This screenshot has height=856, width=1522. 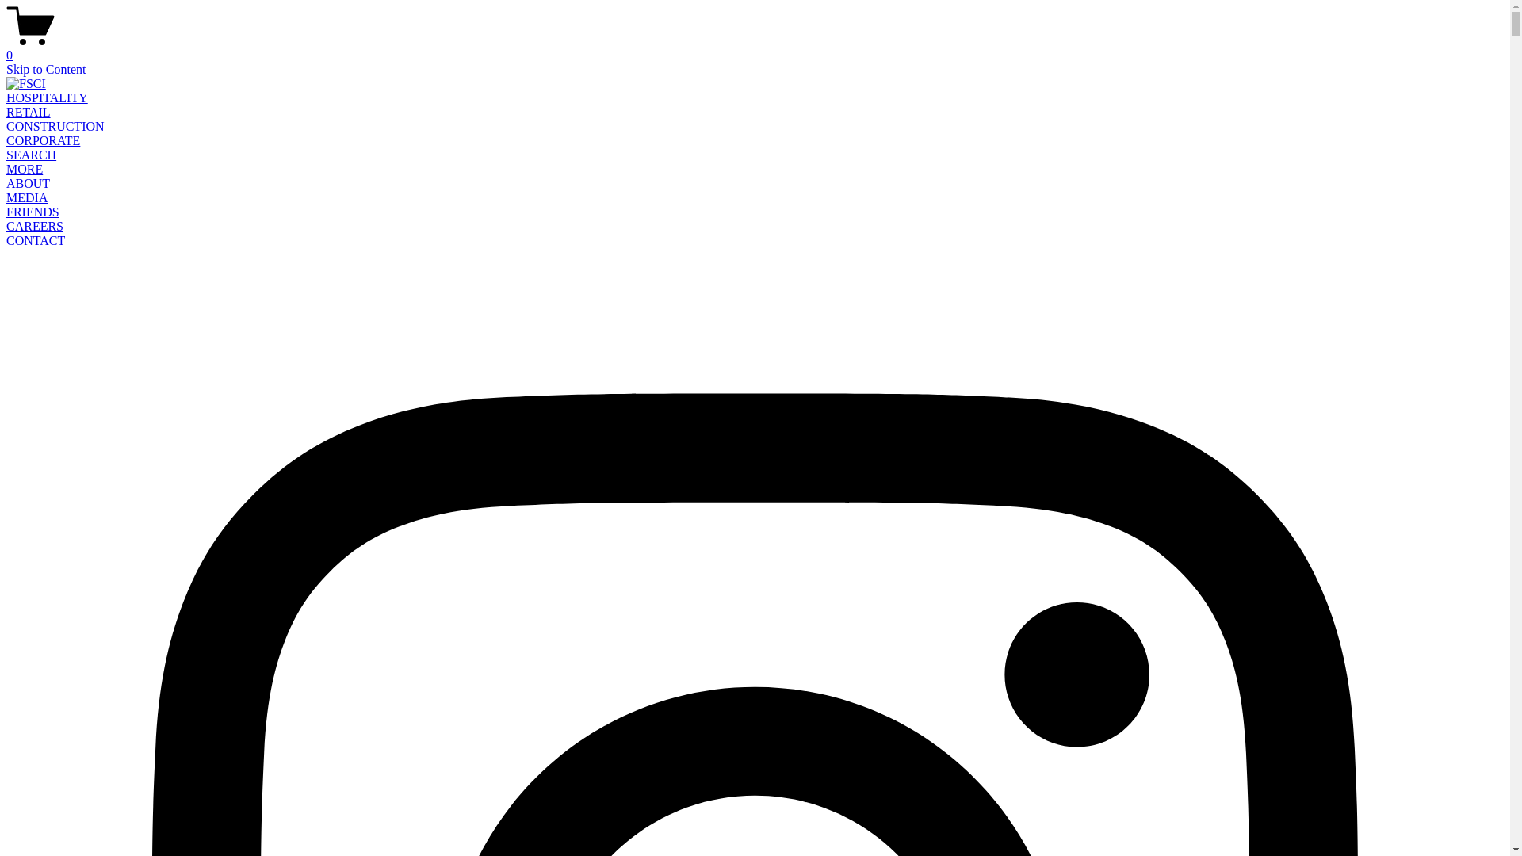 I want to click on 'Skip to Content', so click(x=45, y=68).